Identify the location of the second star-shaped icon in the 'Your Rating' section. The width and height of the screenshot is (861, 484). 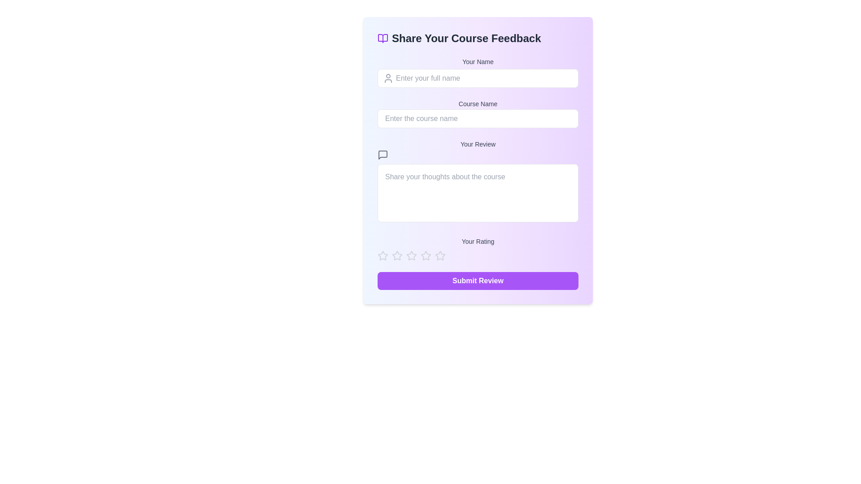
(411, 255).